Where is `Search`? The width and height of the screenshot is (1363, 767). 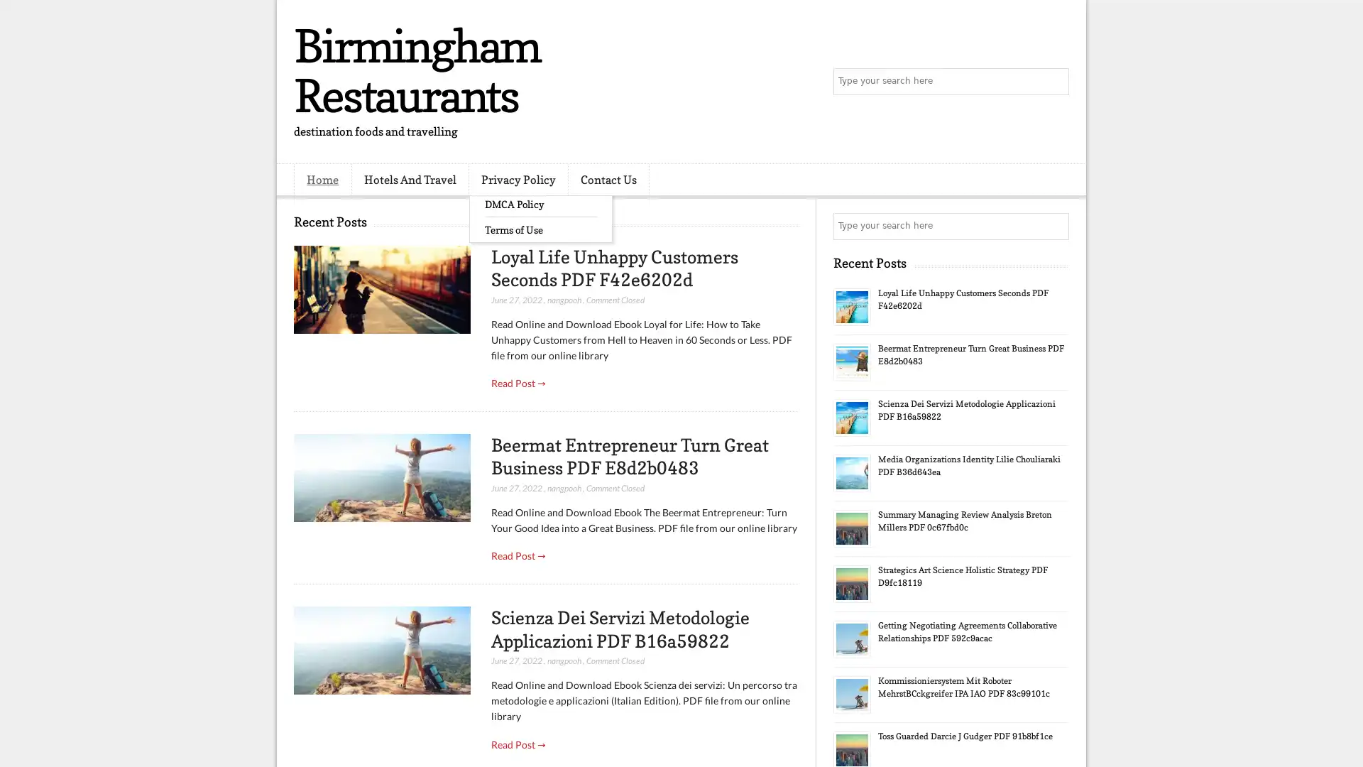 Search is located at coordinates (1054, 82).